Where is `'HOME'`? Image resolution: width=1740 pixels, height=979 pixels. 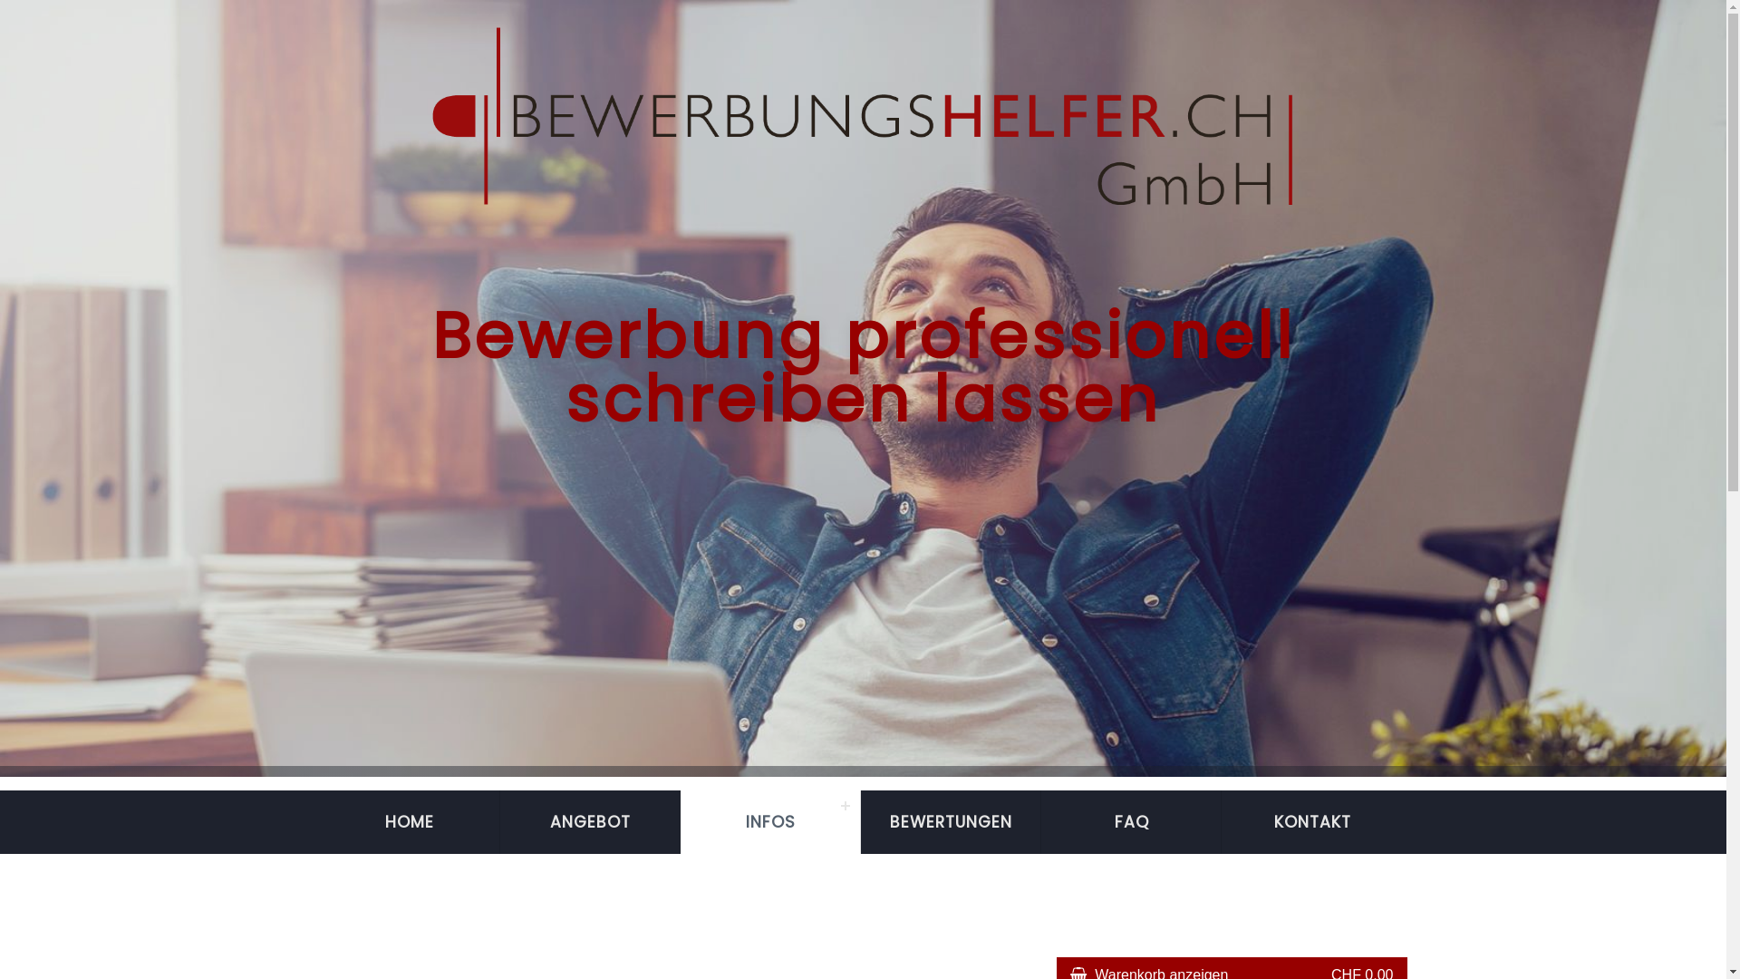
'HOME' is located at coordinates (408, 821).